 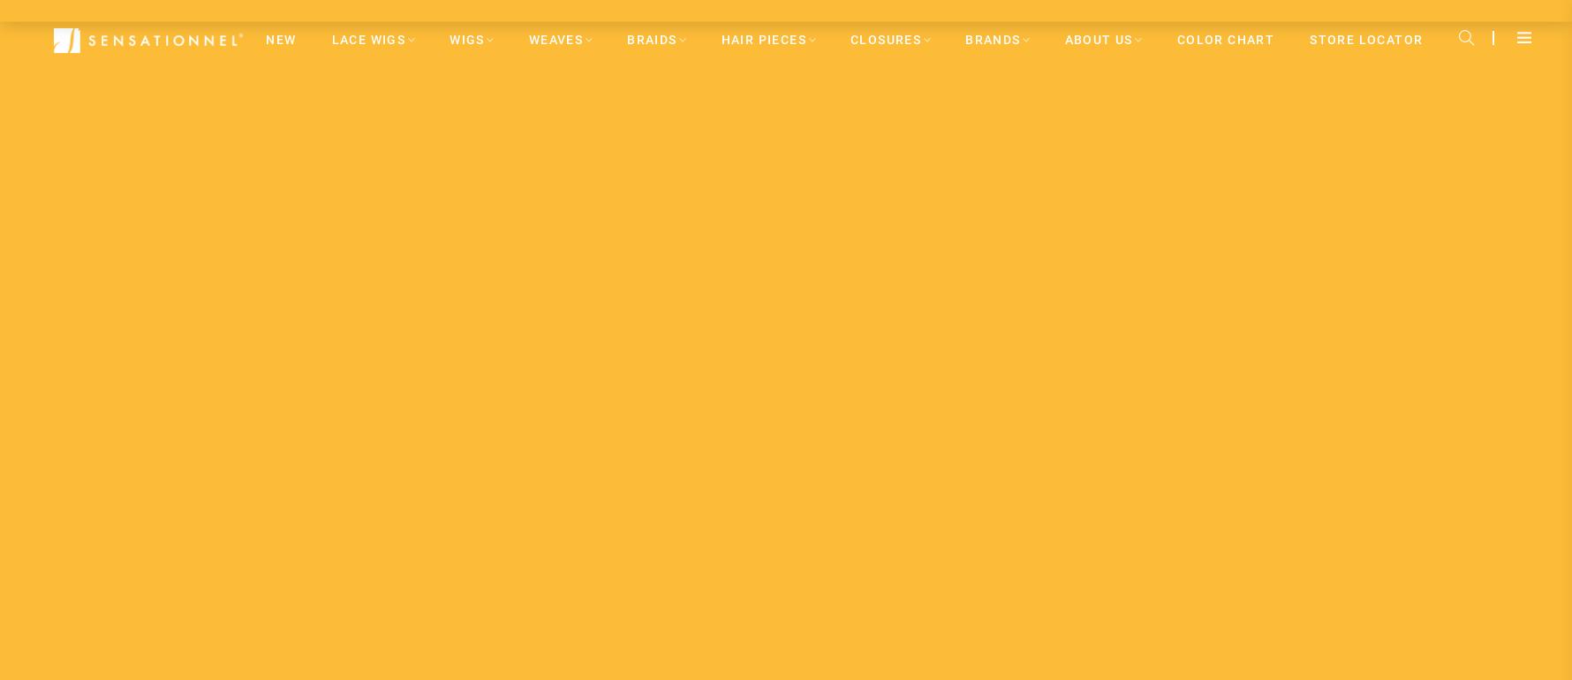 I want to click on 'LACE WIGS', so click(x=367, y=38).